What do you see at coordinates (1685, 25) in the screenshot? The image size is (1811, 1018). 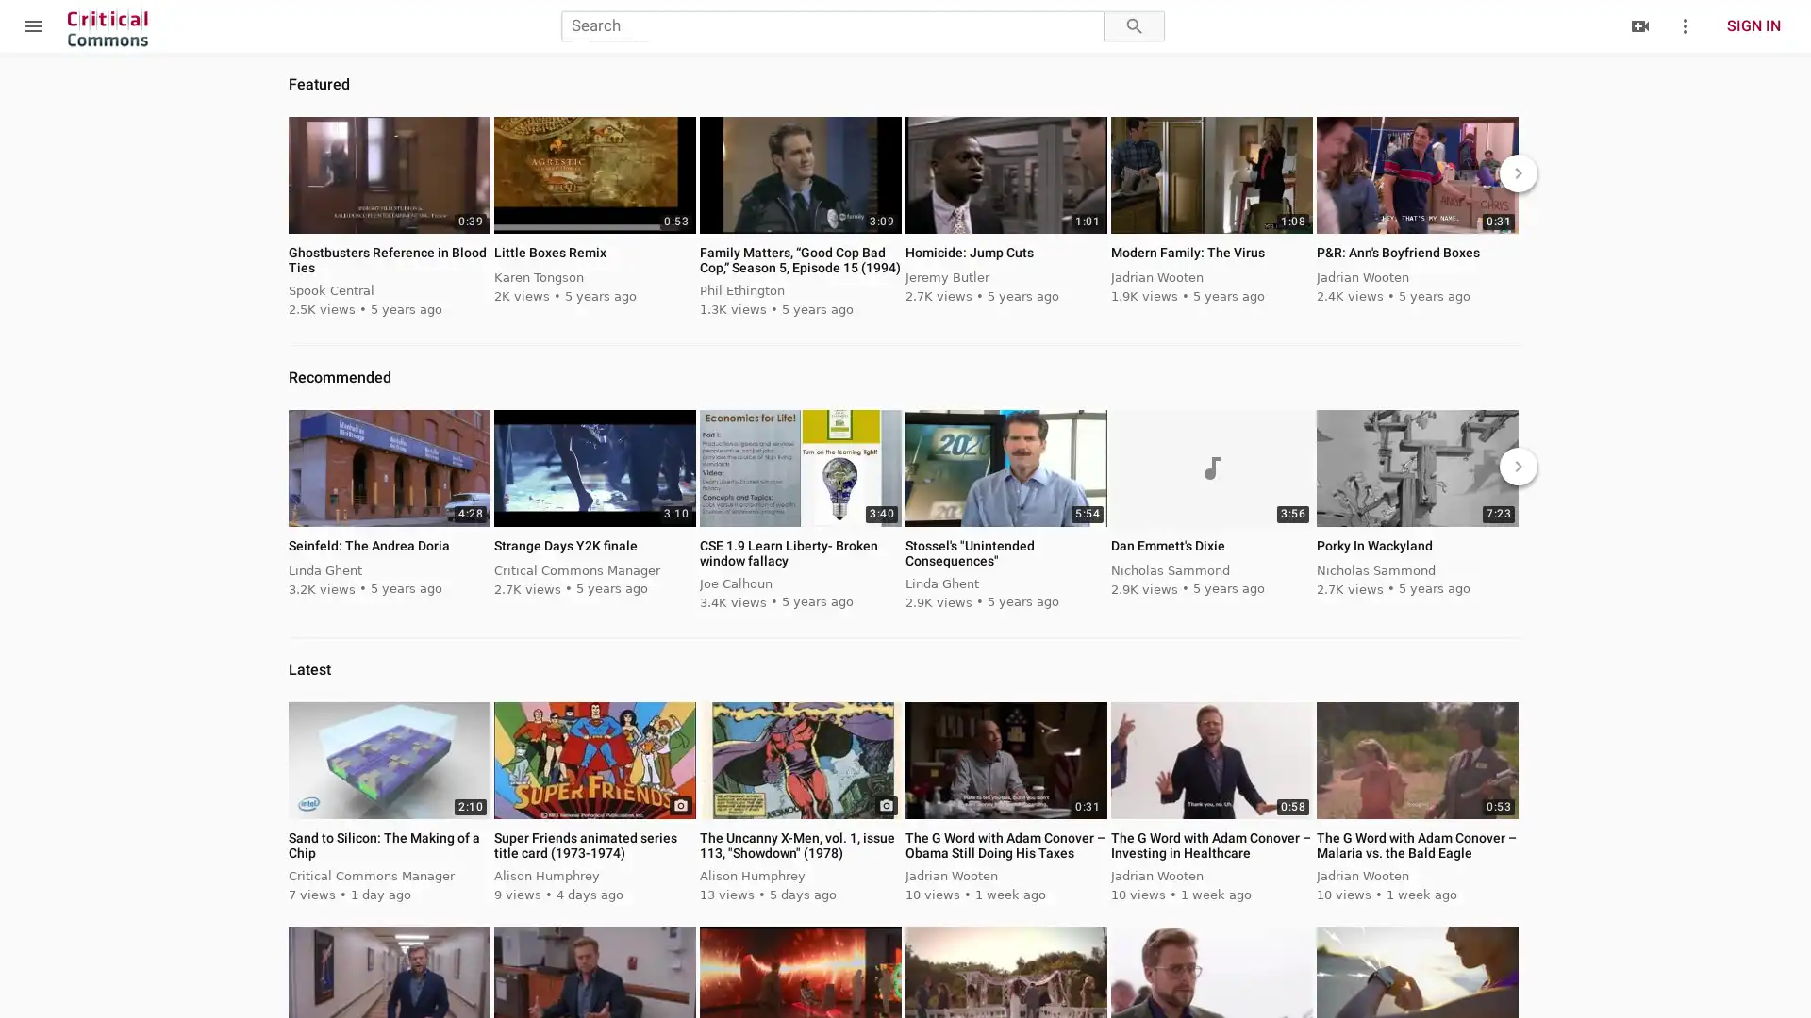 I see `more_vert` at bounding box center [1685, 25].